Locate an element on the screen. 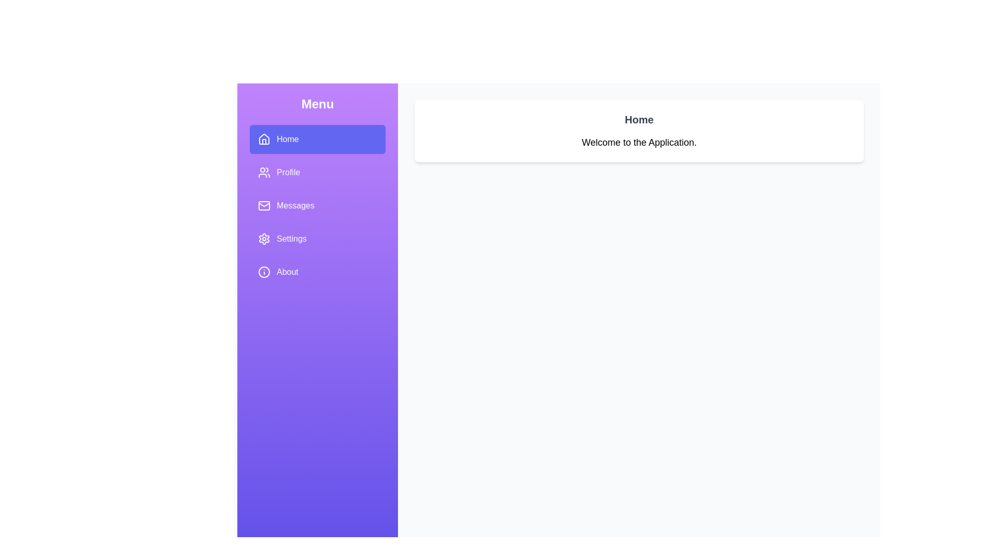 This screenshot has width=995, height=560. the 'About' menu item, which is the fifth option in the sidebar menu is located at coordinates (317, 271).